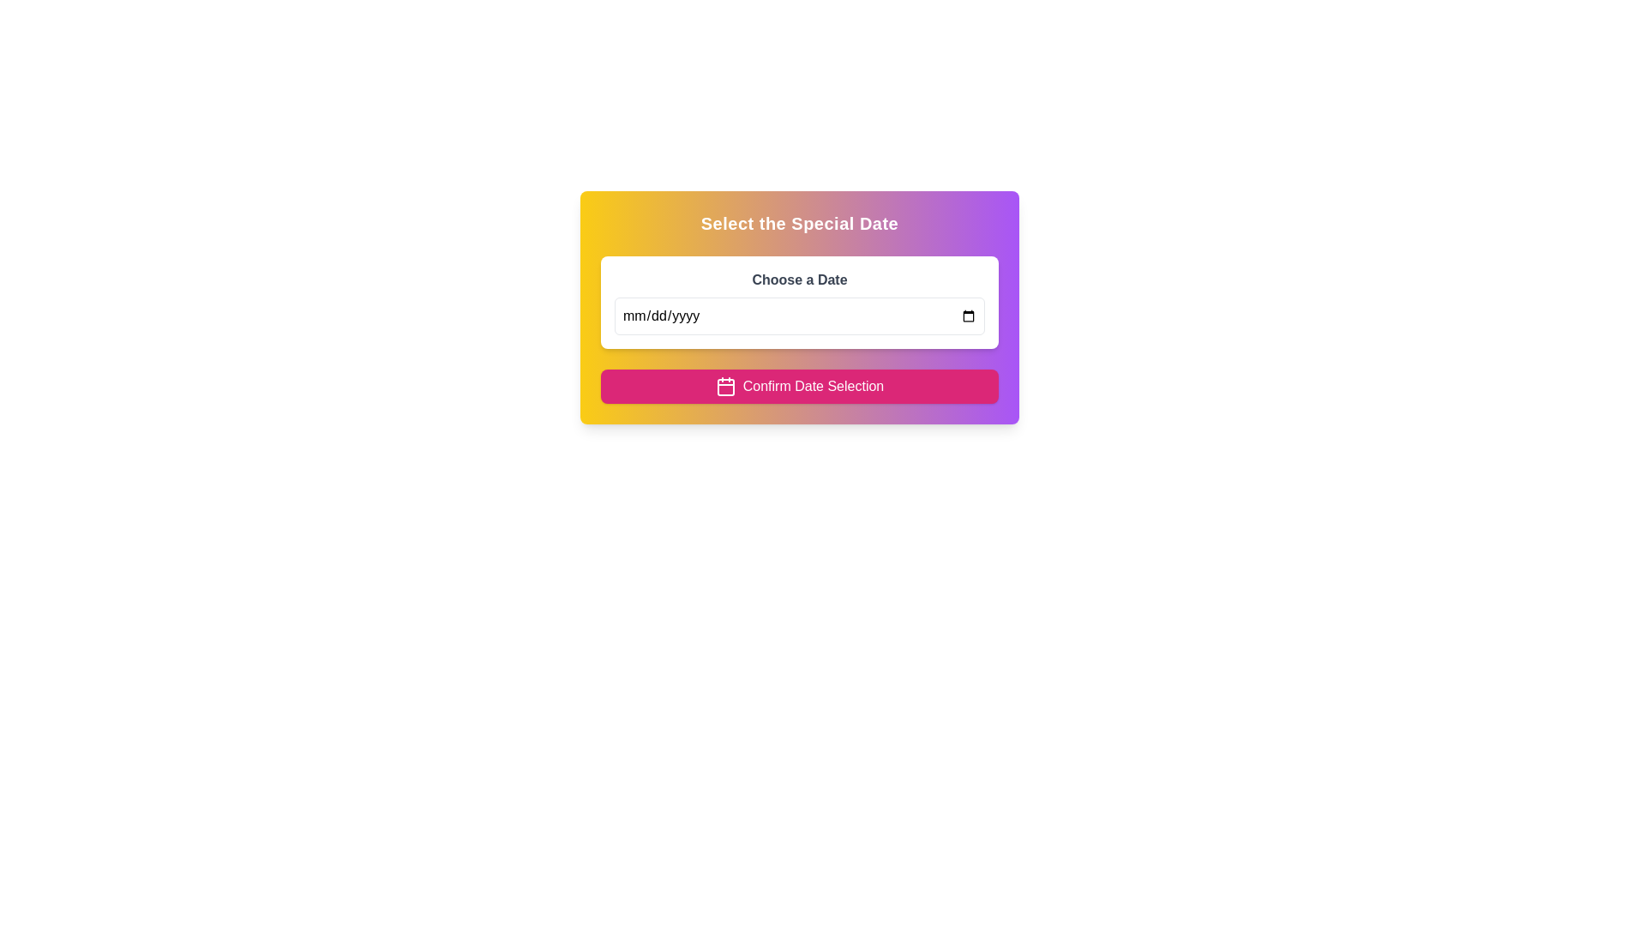 The image size is (1646, 926). I want to click on the decorative SVG rectangle that represents a calendar icon, located centrally beneath the date entry field and above the 'Confirm Date Selection' button, so click(725, 387).